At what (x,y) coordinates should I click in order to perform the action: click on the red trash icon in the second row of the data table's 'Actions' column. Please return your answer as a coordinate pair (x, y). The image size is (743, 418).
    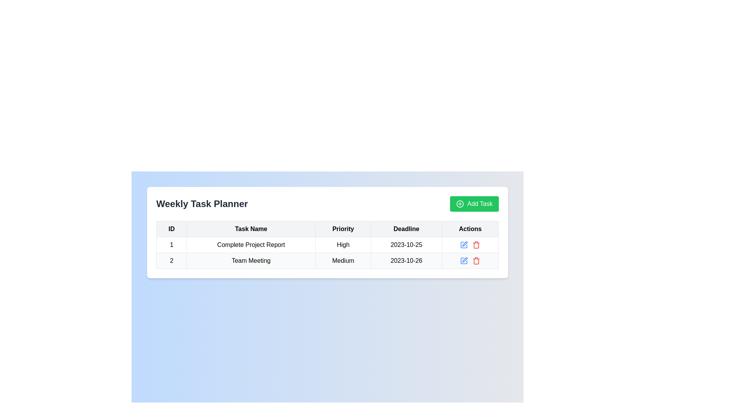
    Looking at the image, I should click on (476, 261).